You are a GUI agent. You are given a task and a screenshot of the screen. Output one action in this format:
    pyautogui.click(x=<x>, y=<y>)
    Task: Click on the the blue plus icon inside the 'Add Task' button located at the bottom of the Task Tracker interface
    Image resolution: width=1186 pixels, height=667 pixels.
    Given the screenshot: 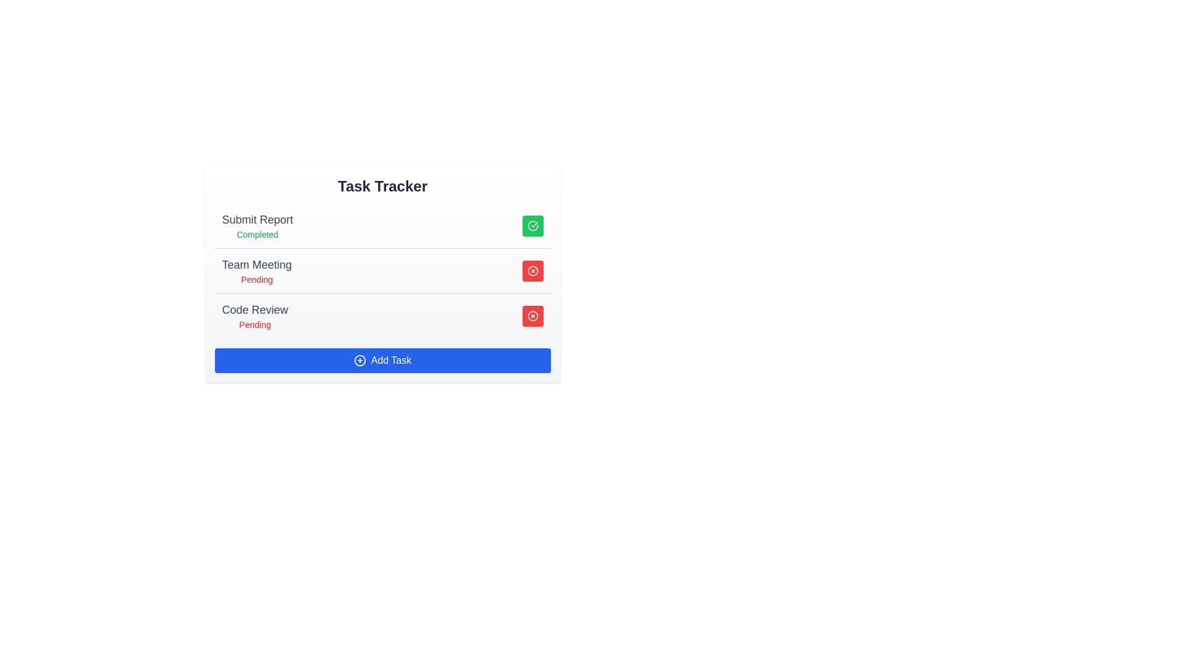 What is the action you would take?
    pyautogui.click(x=359, y=360)
    